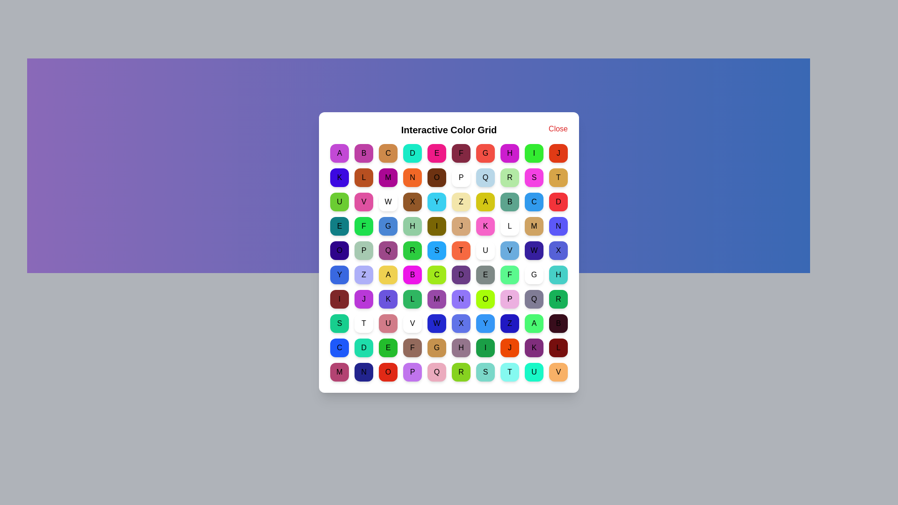  Describe the element at coordinates (558, 178) in the screenshot. I see `the grid cell labeled T to view its color message` at that location.